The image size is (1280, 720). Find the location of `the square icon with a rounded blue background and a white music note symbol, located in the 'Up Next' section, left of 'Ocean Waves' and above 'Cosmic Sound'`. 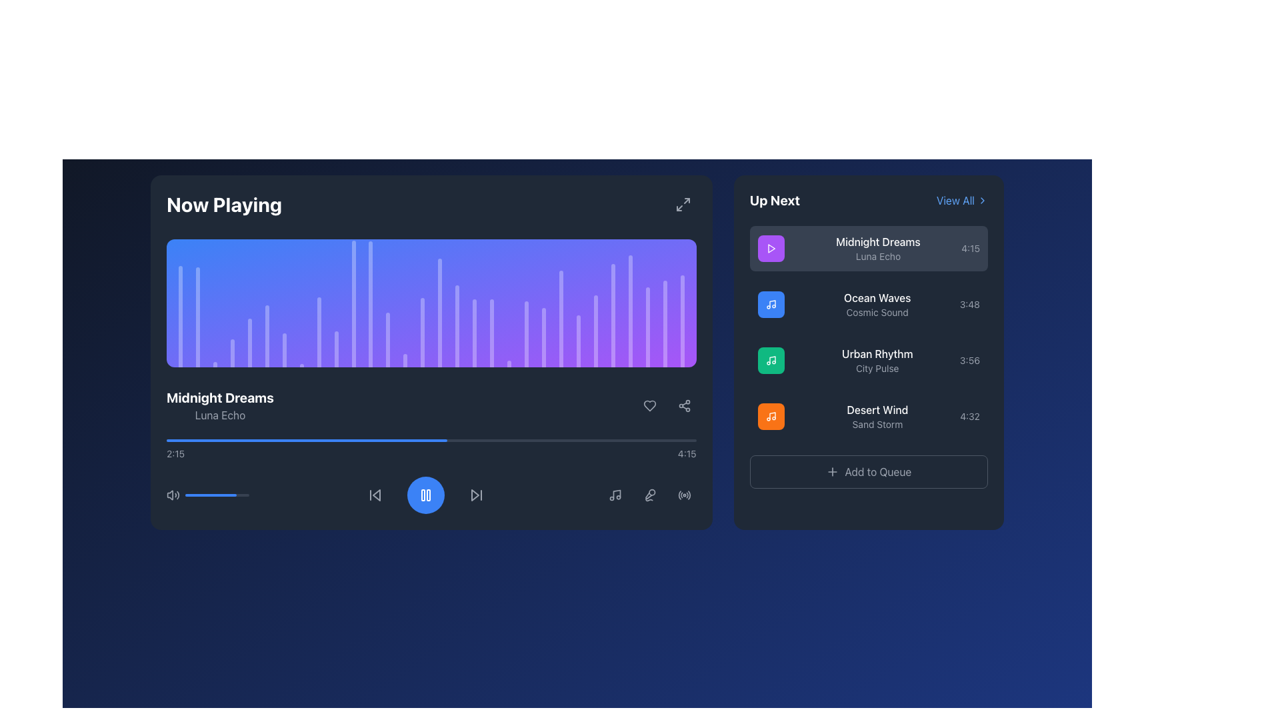

the square icon with a rounded blue background and a white music note symbol, located in the 'Up Next' section, left of 'Ocean Waves' and above 'Cosmic Sound' is located at coordinates (771, 304).